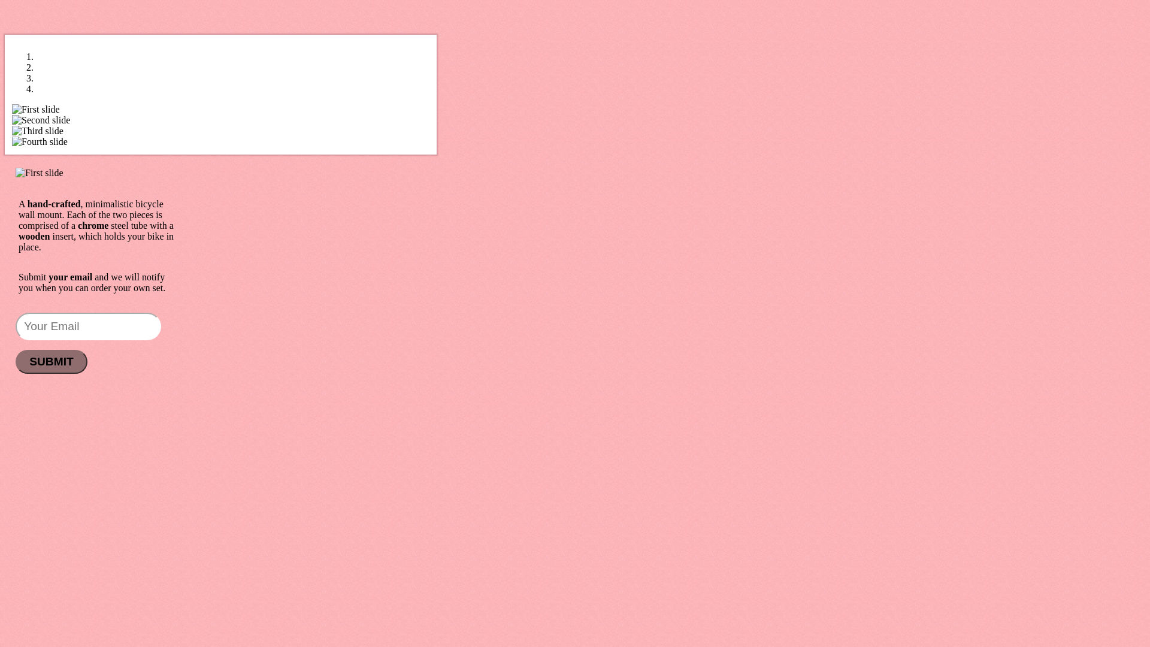 The width and height of the screenshot is (1150, 647). What do you see at coordinates (51, 361) in the screenshot?
I see `'SUBMIT'` at bounding box center [51, 361].